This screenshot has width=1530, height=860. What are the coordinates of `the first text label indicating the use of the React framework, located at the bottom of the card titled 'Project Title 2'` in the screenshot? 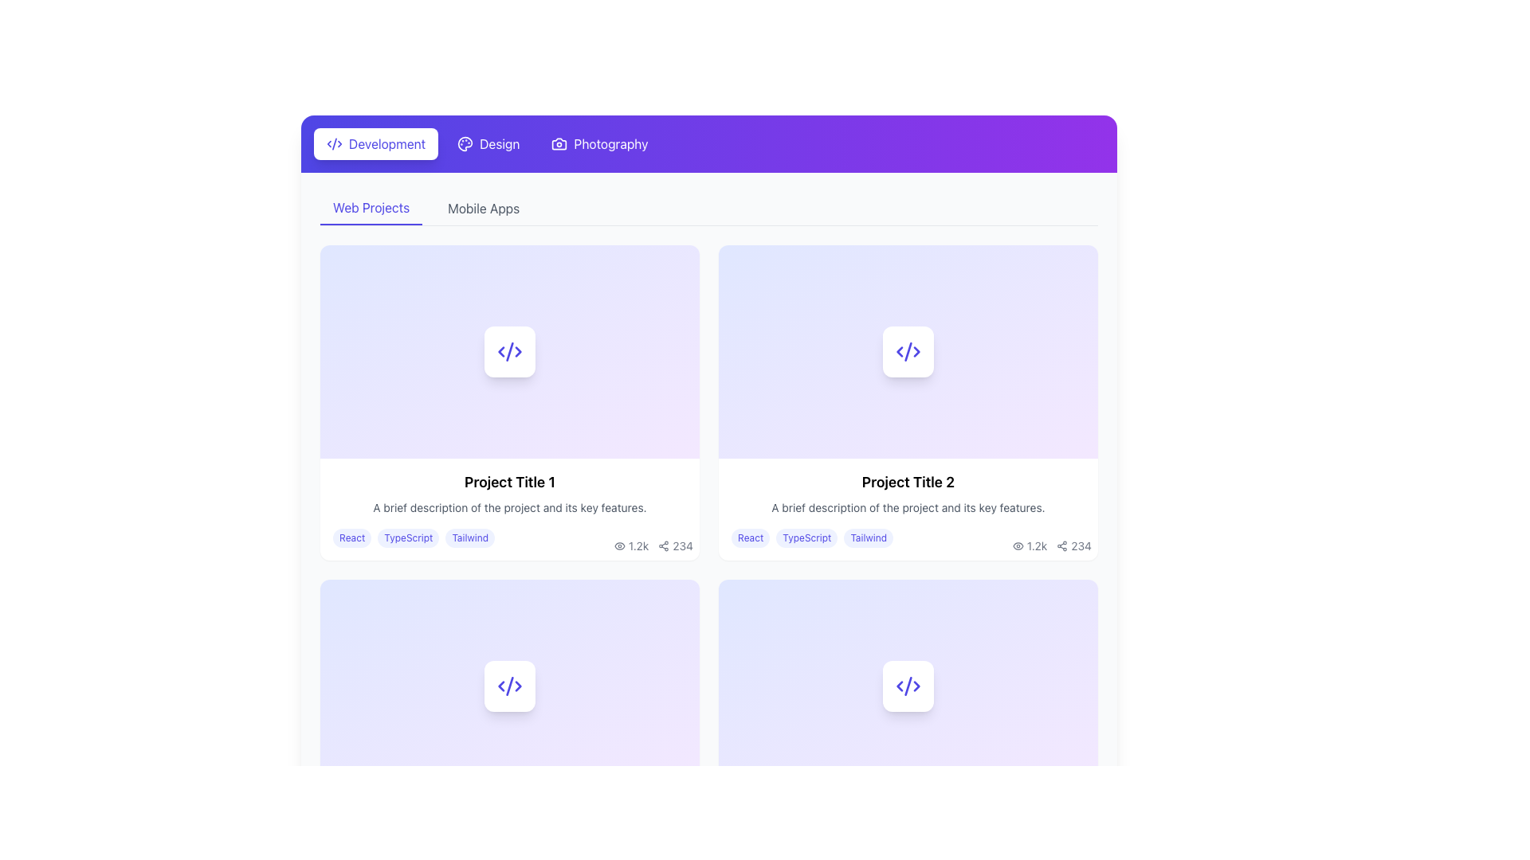 It's located at (750, 537).